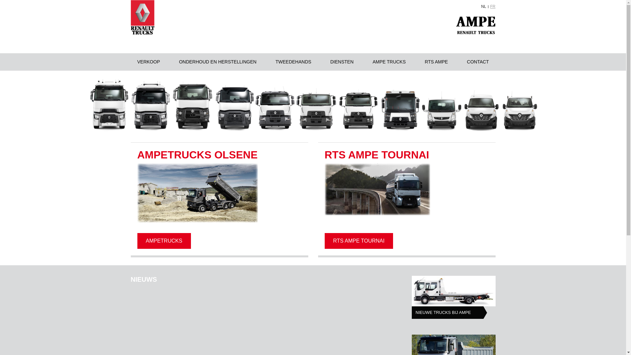  I want to click on 'CONTACT', so click(478, 62).